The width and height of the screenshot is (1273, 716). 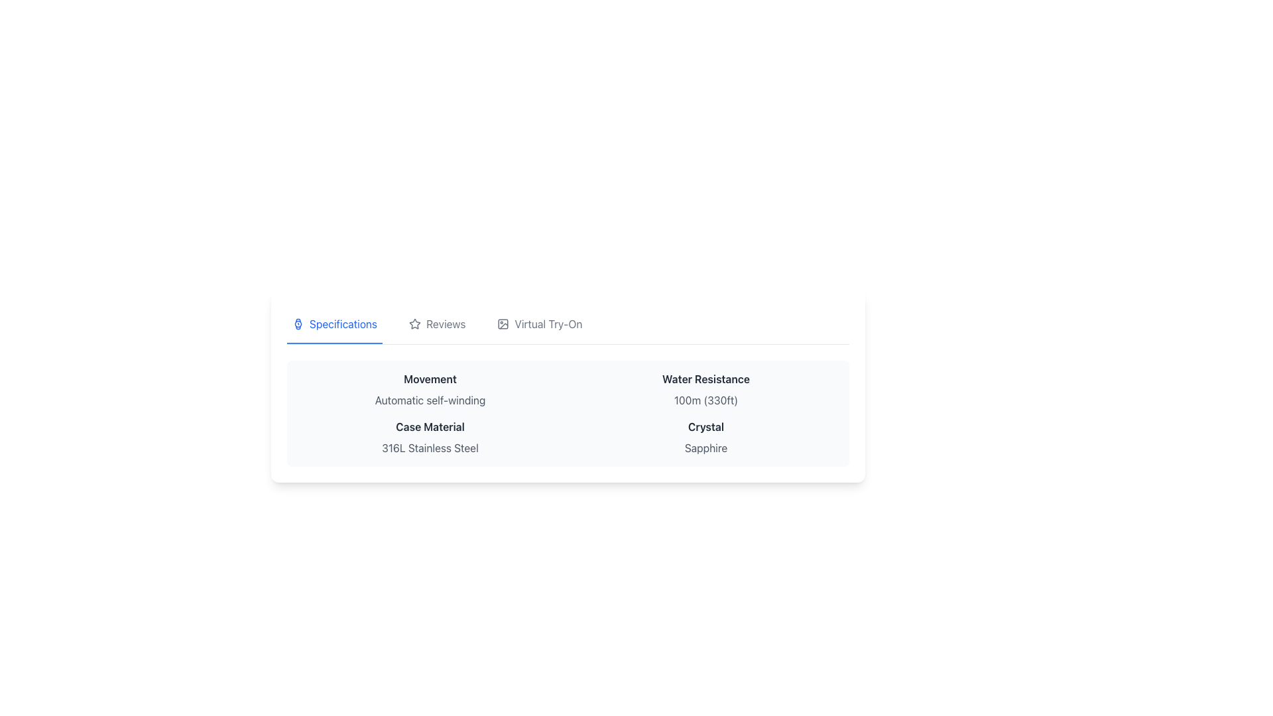 What do you see at coordinates (414, 324) in the screenshot?
I see `the star icon representing the 'Reviews' tab, located in the header section adjacent to the 'Reviews' text label` at bounding box center [414, 324].